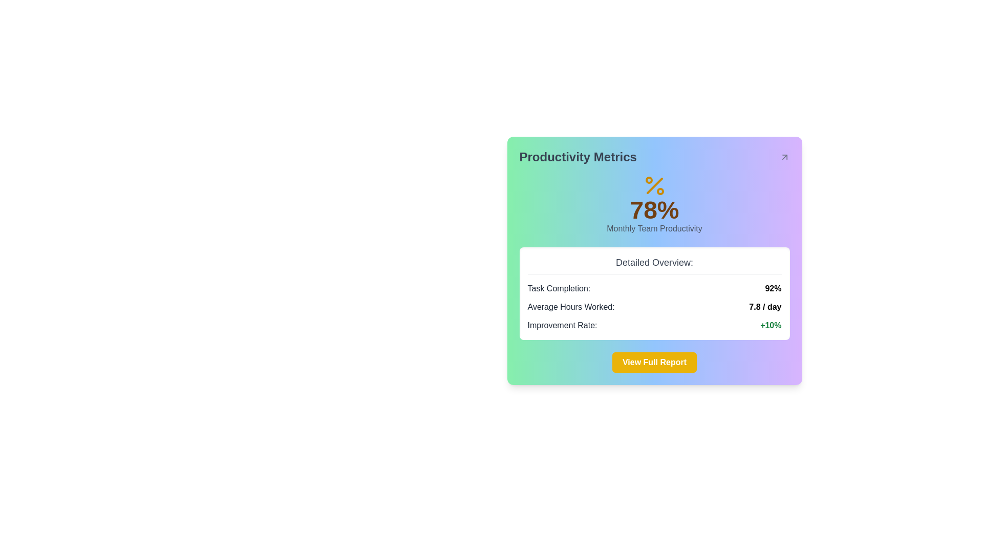 This screenshot has height=553, width=983. What do you see at coordinates (773, 288) in the screenshot?
I see `the text display showing '92%' in bold black font, located to the right of 'Task Completion:' in the detailed overview panel` at bounding box center [773, 288].